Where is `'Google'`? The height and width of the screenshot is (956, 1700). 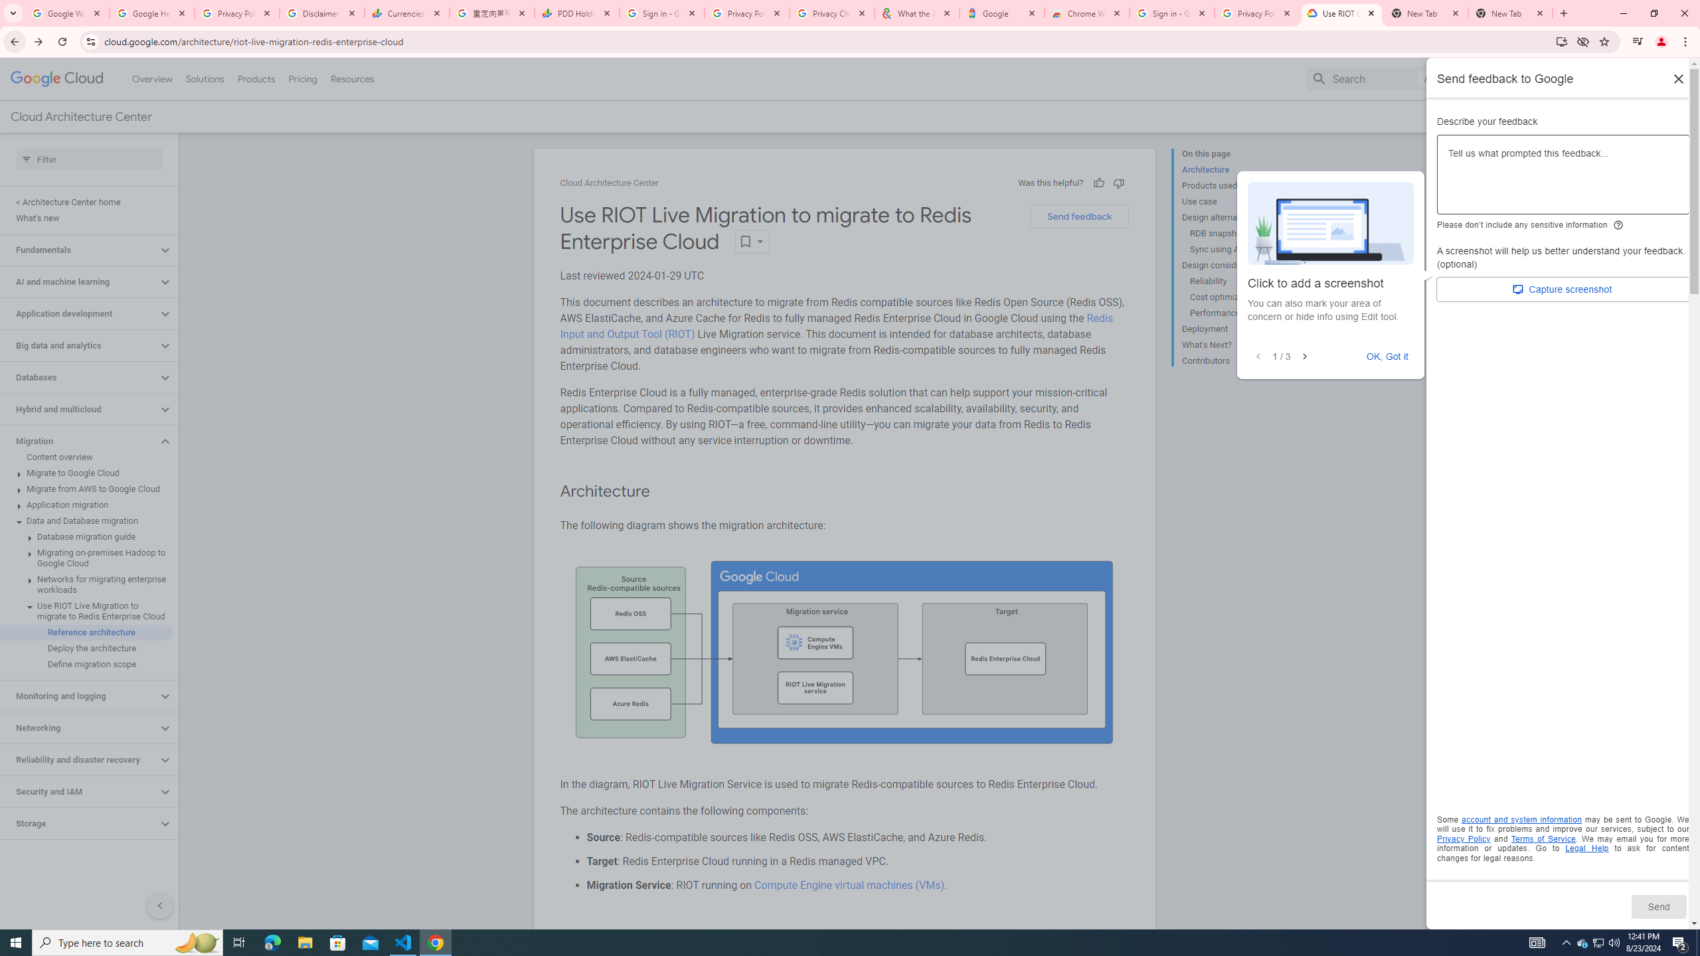 'Google' is located at coordinates (1001, 13).